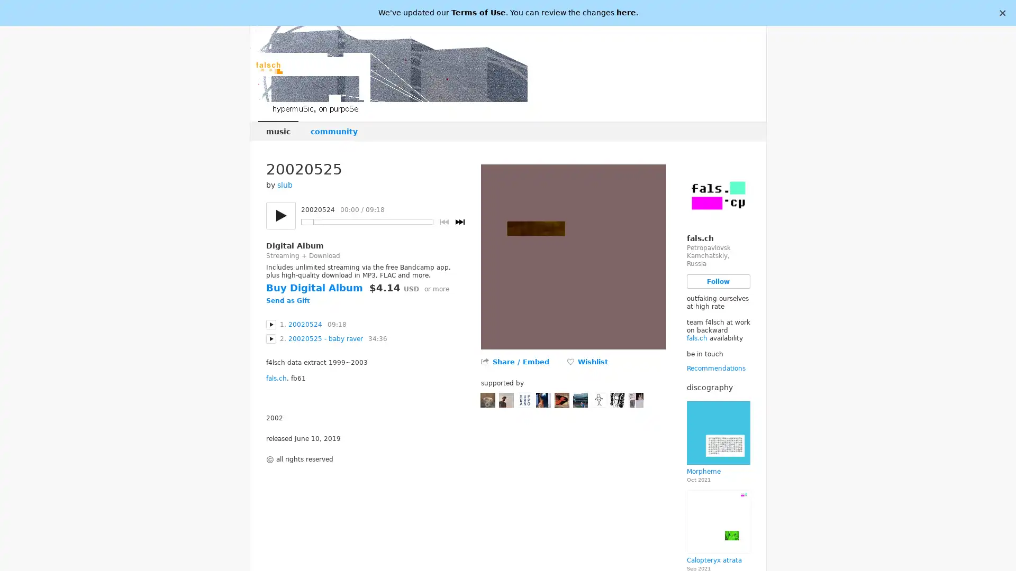  What do you see at coordinates (287, 301) in the screenshot?
I see `Send as Gift` at bounding box center [287, 301].